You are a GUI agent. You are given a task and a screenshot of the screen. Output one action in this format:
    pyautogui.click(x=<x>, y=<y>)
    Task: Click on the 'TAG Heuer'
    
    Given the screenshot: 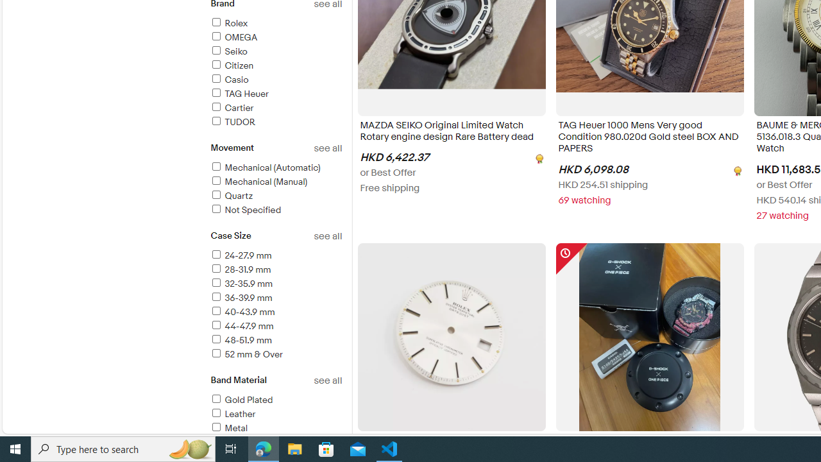 What is the action you would take?
    pyautogui.click(x=239, y=93)
    